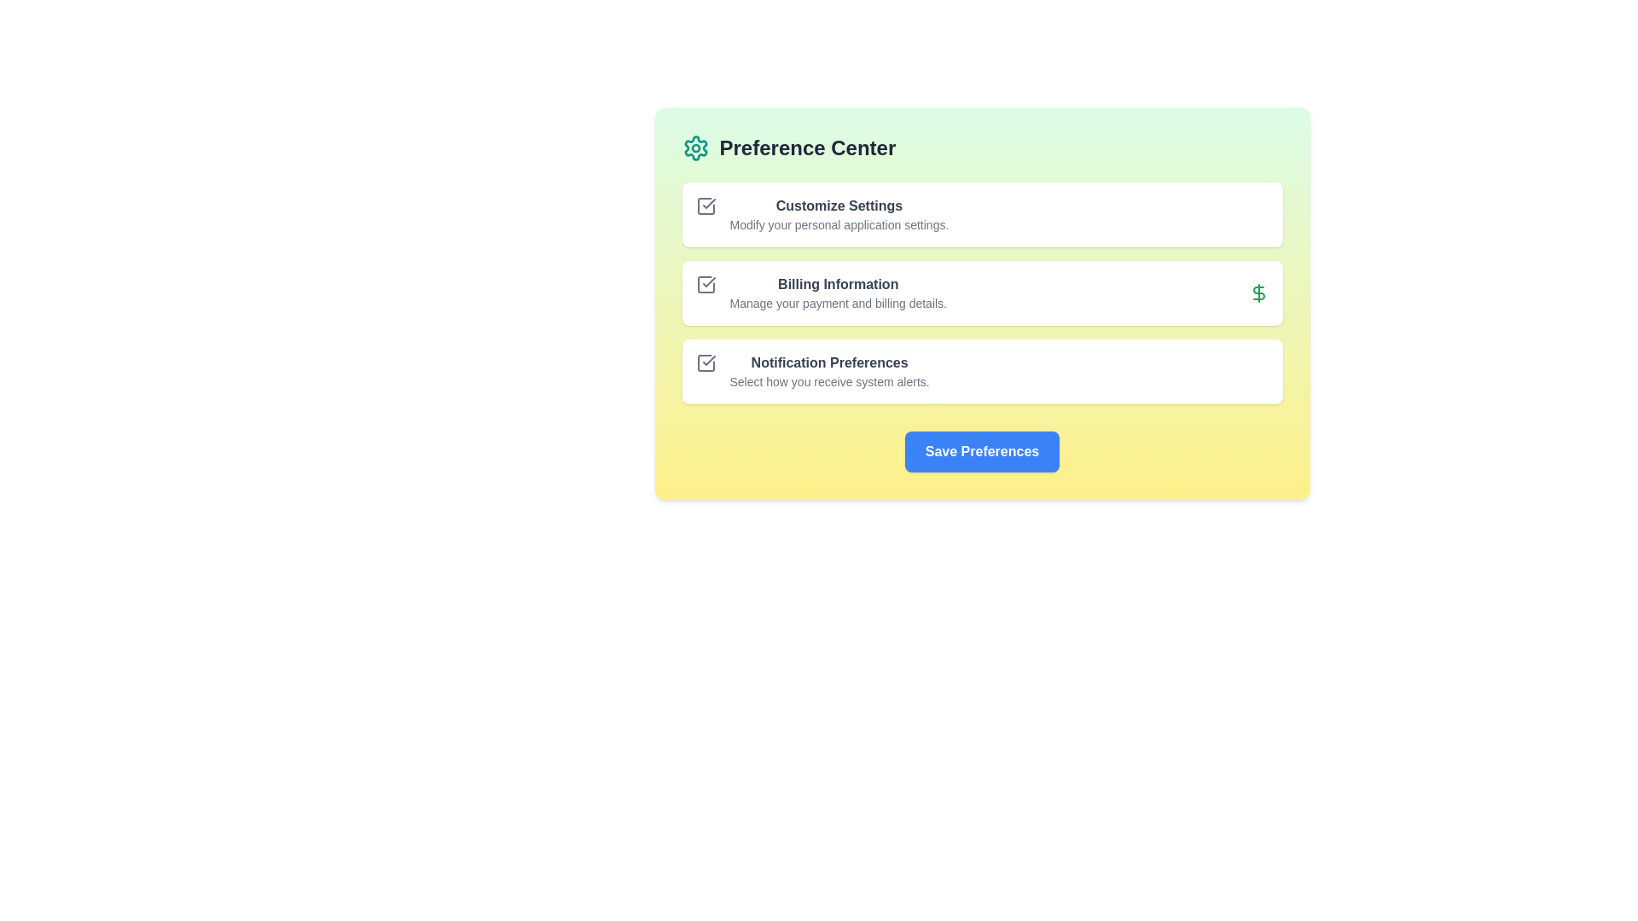  I want to click on the stylized square icon with a checkmark located in the top-left corner of the 'Customize Settings' section, adjacent to its header text, so click(706, 206).